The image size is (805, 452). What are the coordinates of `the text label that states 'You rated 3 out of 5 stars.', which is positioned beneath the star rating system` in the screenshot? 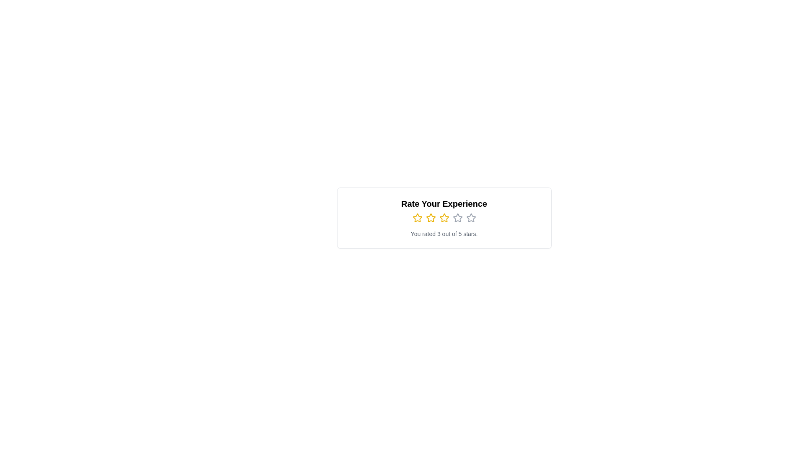 It's located at (444, 234).